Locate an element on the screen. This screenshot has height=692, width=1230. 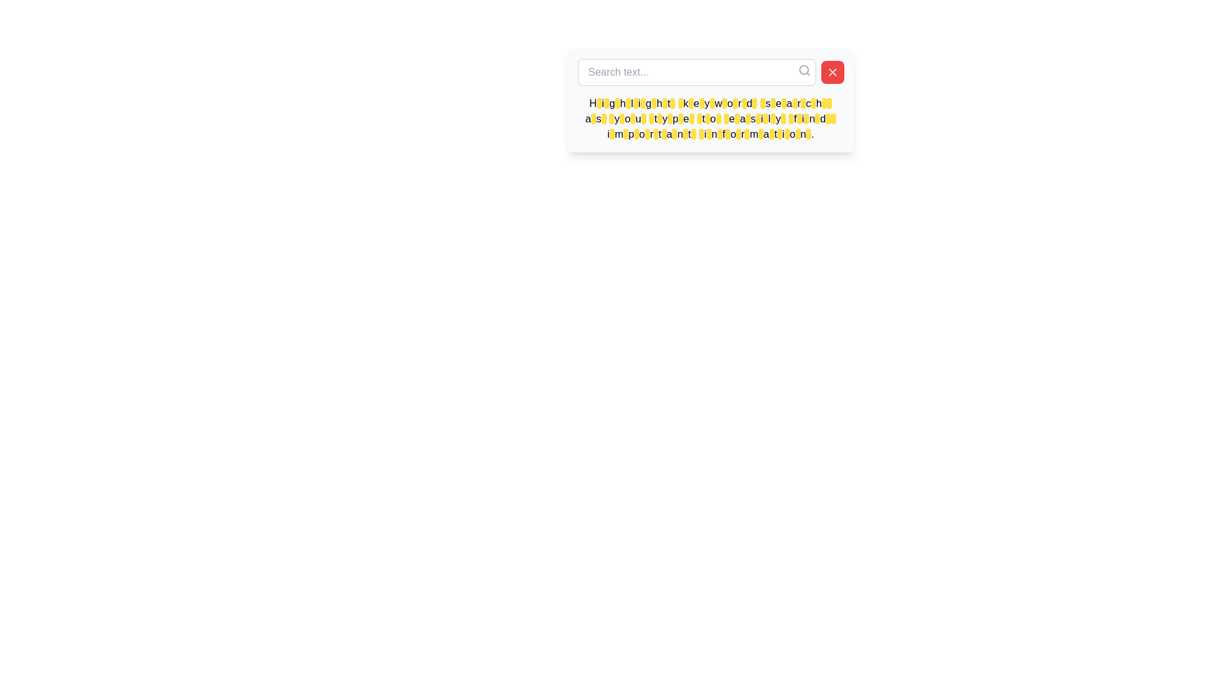
the yellow-highlighted element in the 7th line of the text block that starts with 'Highlight keyword search as you type...' and is located between the words 'type' and 'to' is located at coordinates (643, 119).